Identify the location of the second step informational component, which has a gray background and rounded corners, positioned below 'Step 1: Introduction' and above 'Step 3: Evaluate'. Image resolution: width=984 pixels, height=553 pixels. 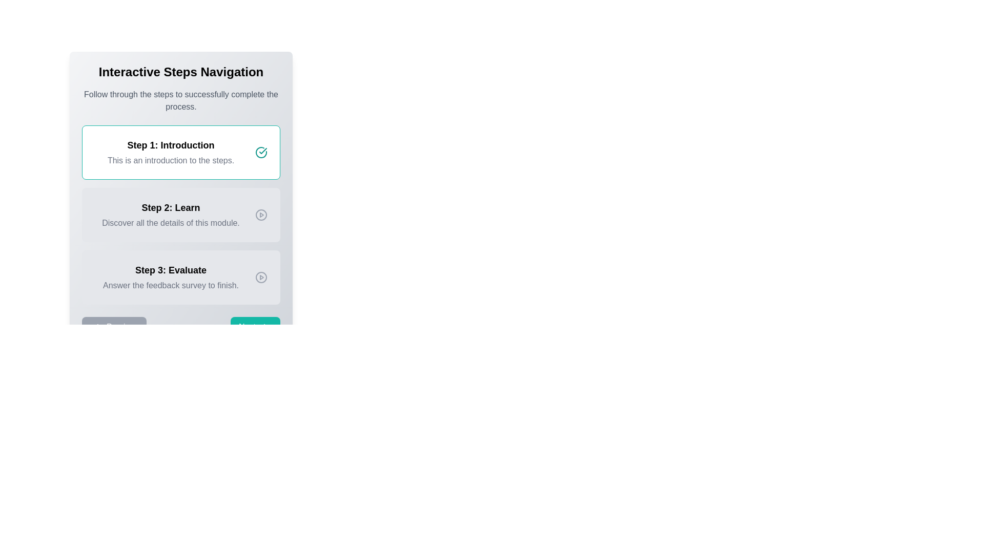
(181, 215).